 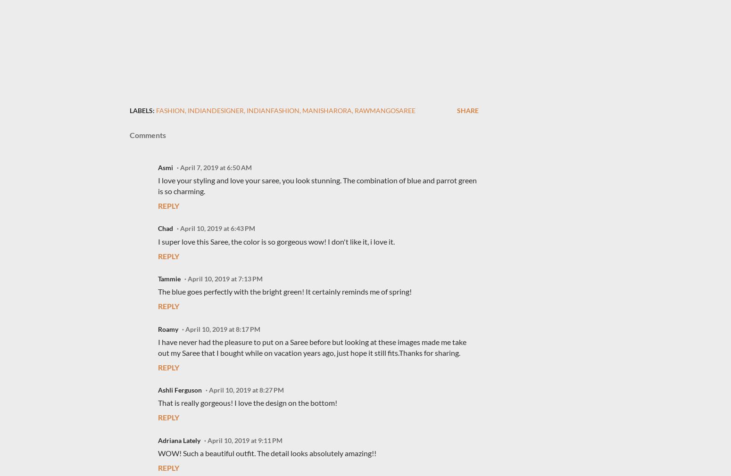 I want to click on 'Indiandesigner', so click(x=216, y=110).